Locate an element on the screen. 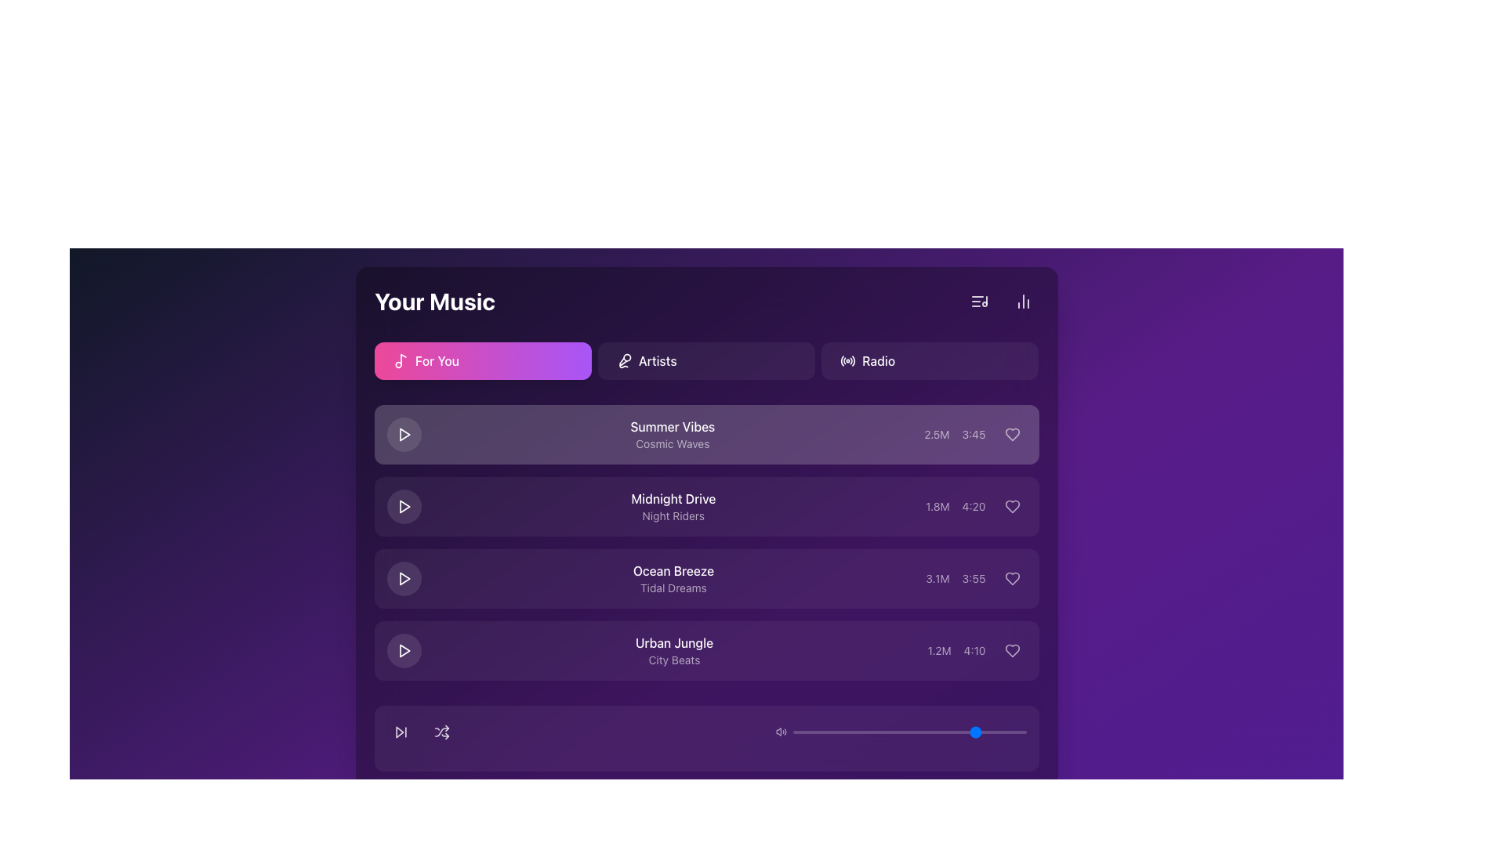 The height and width of the screenshot is (846, 1505). the circular button with a soft purple background and a vertical-column chart icon is located at coordinates (1023, 302).